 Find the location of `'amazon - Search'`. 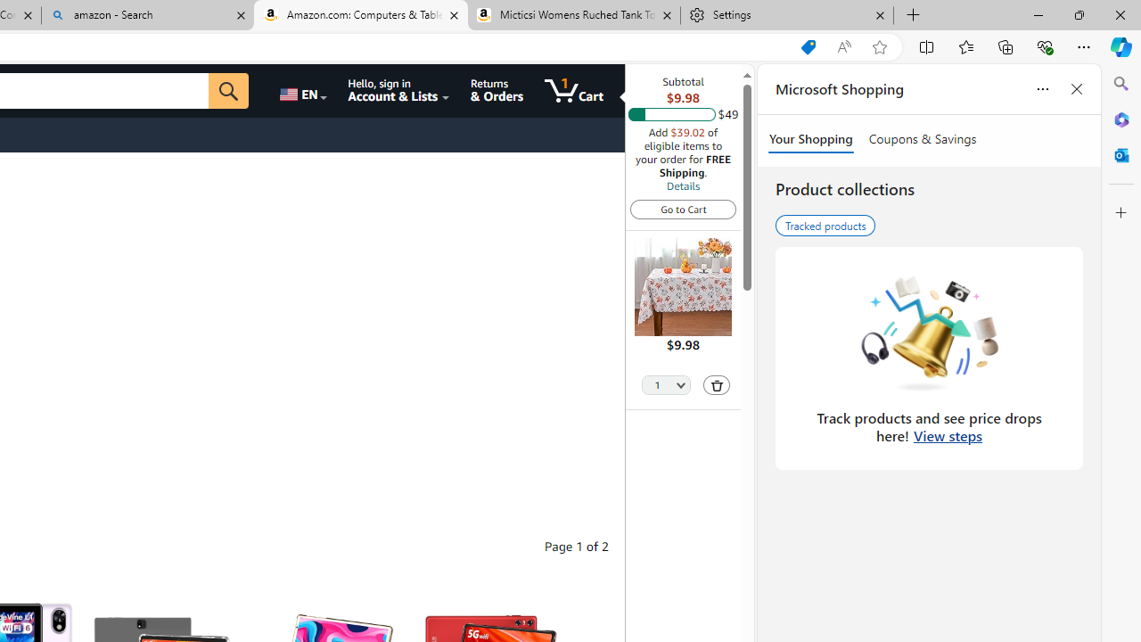

'amazon - Search' is located at coordinates (148, 15).